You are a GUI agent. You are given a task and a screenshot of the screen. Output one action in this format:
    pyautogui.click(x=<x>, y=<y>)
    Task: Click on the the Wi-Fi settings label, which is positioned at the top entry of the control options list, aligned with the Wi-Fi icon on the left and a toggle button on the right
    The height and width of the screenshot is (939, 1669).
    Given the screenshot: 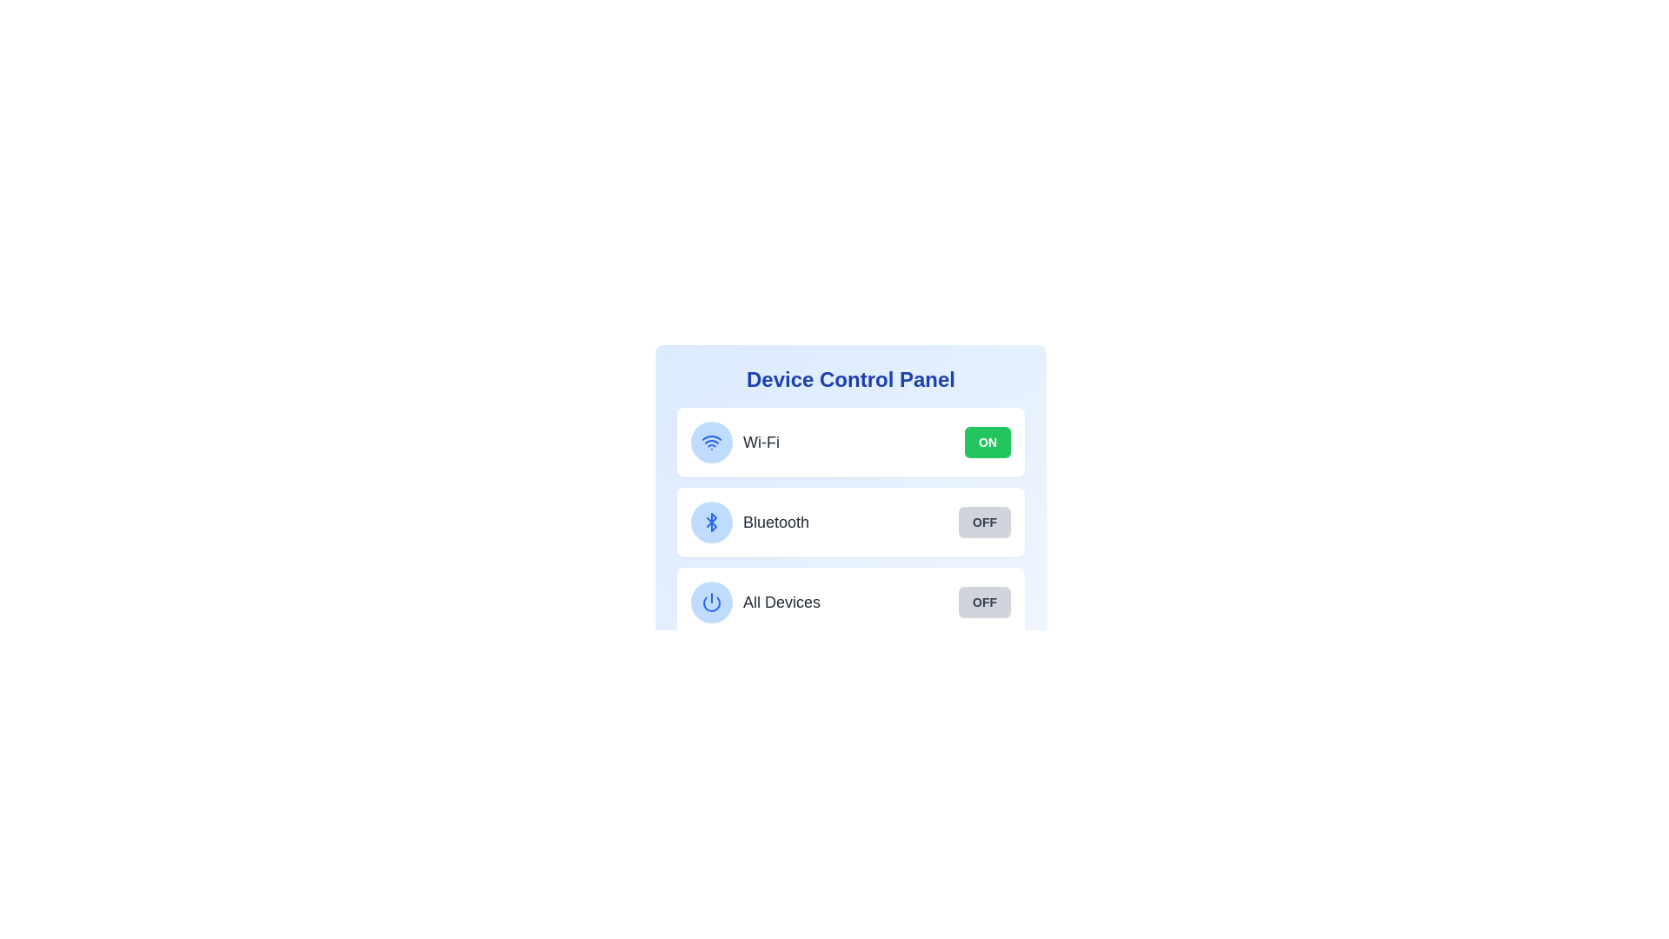 What is the action you would take?
    pyautogui.click(x=761, y=442)
    